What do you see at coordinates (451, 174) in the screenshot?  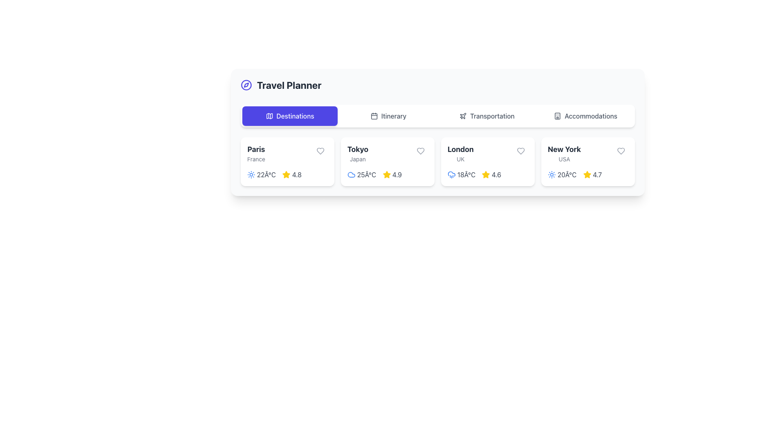 I see `the blue outlined cloud icon with rain drops located next to the temperature text '18°C' in the second section of the third card` at bounding box center [451, 174].